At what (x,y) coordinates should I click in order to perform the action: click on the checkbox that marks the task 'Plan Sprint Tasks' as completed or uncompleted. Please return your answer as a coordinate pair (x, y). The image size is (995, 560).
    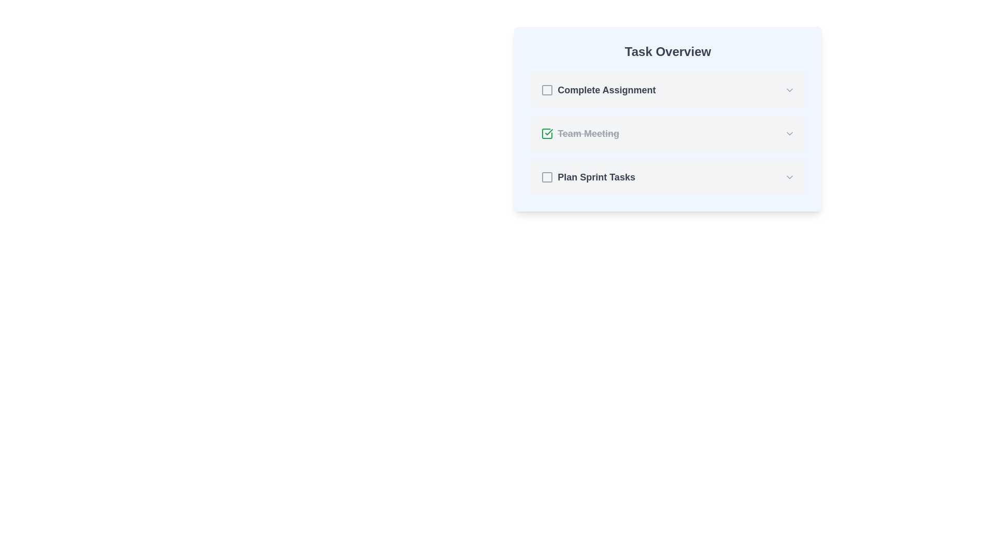
    Looking at the image, I should click on (547, 177).